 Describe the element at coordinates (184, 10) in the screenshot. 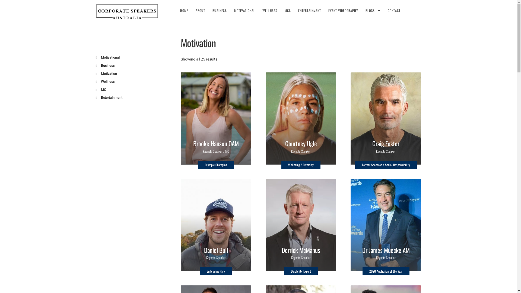

I see `'HOME'` at that location.